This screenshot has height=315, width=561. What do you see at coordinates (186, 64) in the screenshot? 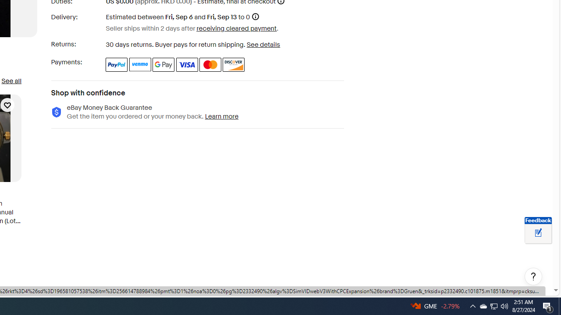
I see `'Visa'` at bounding box center [186, 64].